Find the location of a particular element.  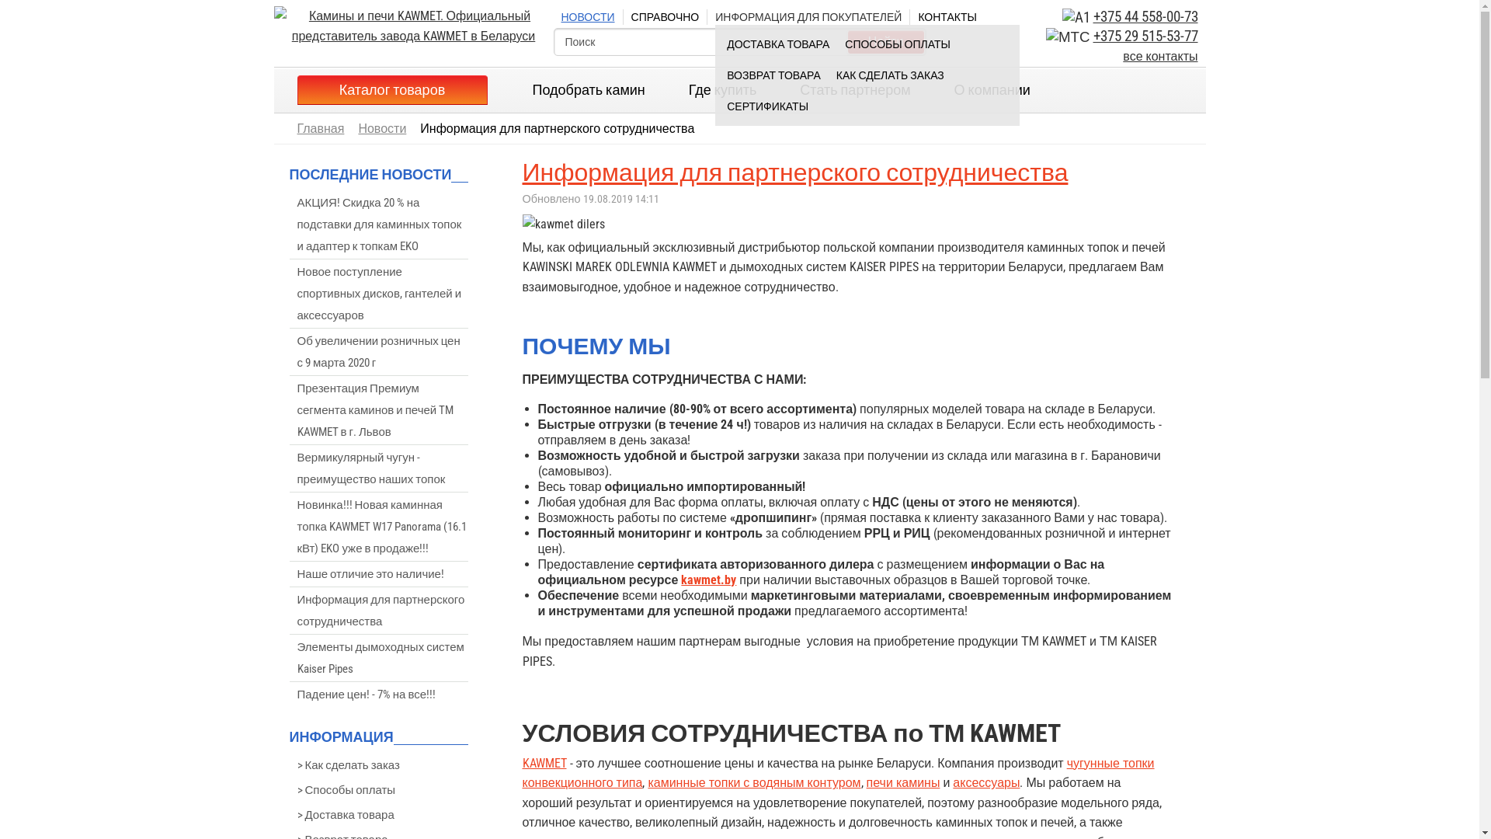

'+375 44 558-00-73' is located at coordinates (1145, 17).